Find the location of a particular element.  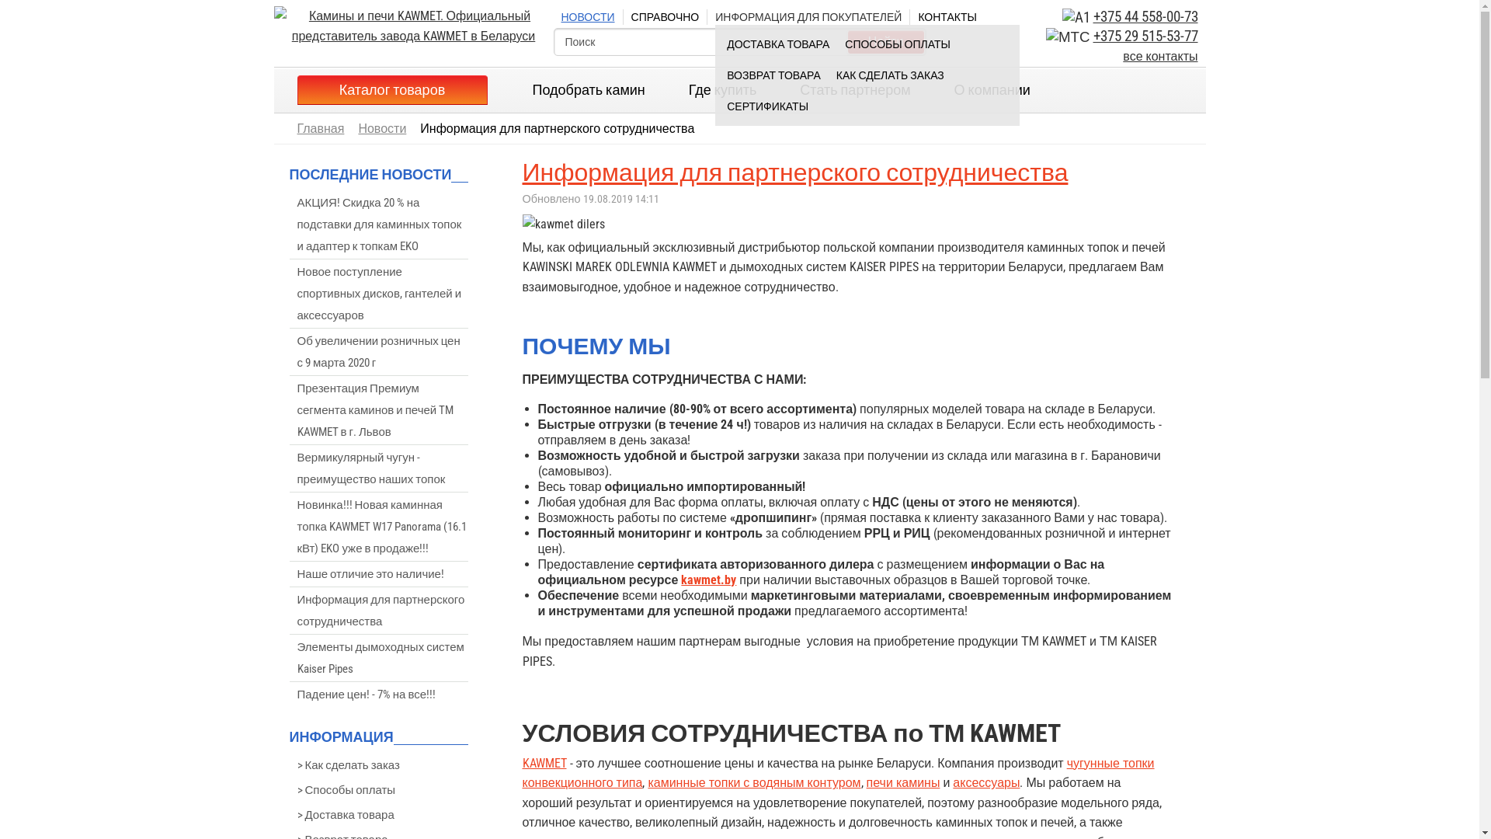

'+375 44 558-00-73' is located at coordinates (1145, 17).